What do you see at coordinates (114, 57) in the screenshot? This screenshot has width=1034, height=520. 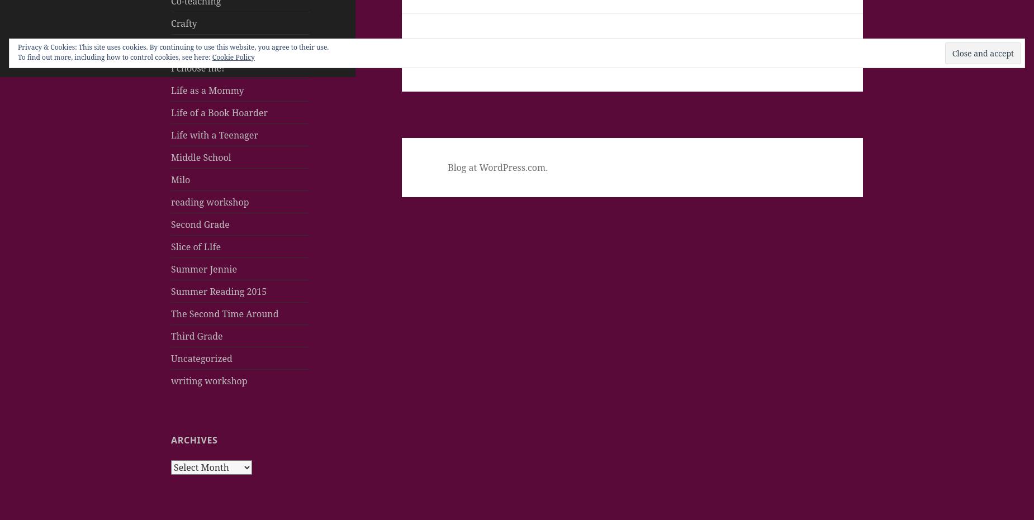 I see `'To find out more, including how to control cookies, see here:'` at bounding box center [114, 57].